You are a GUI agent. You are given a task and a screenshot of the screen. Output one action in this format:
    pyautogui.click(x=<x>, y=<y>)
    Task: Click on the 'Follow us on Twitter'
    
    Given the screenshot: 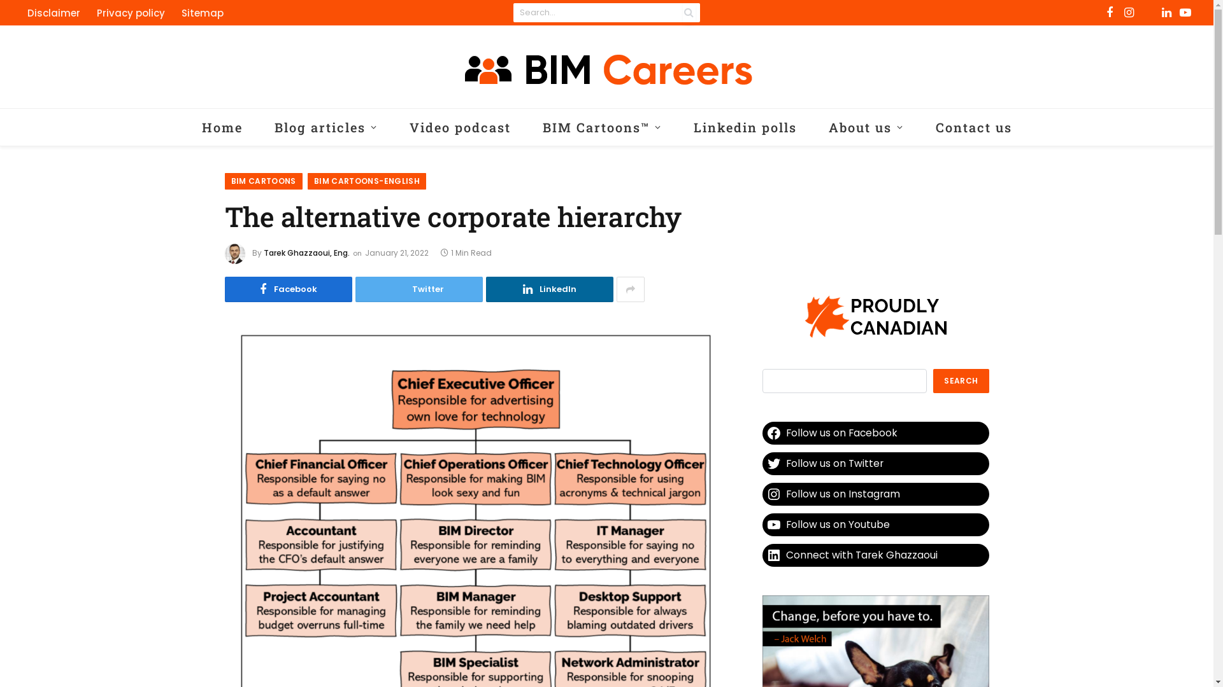 What is the action you would take?
    pyautogui.click(x=761, y=464)
    